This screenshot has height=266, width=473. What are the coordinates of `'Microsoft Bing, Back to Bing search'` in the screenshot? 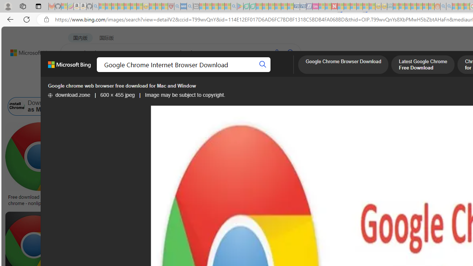 It's located at (69, 68).